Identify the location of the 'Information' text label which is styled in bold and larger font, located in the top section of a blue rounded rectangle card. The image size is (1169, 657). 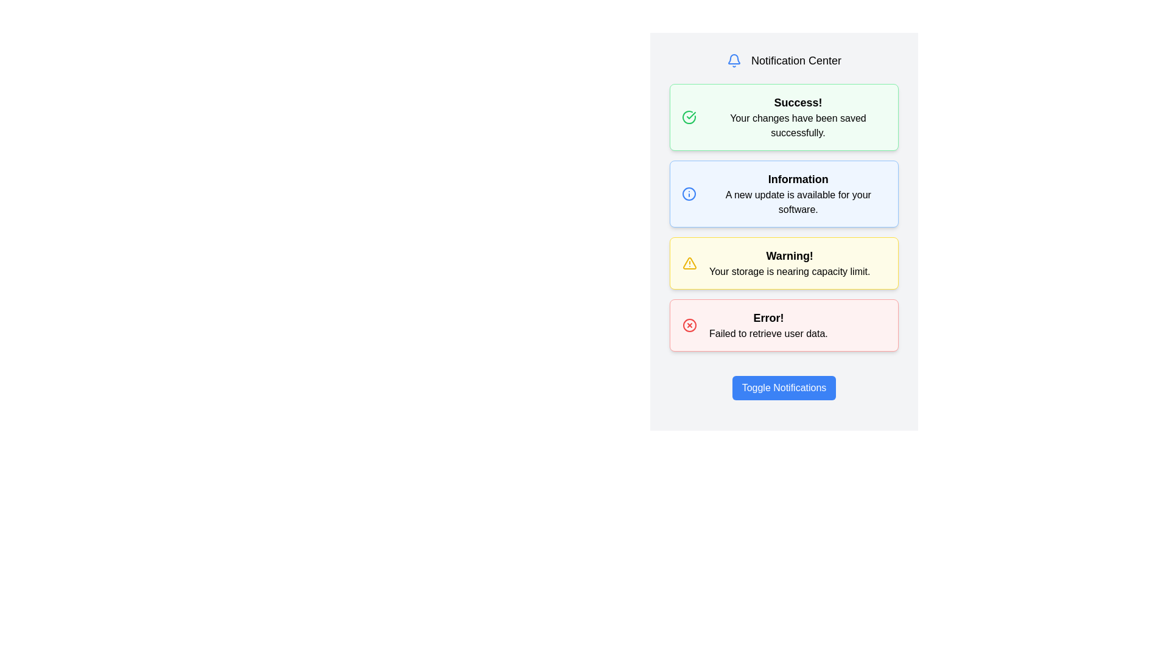
(798, 179).